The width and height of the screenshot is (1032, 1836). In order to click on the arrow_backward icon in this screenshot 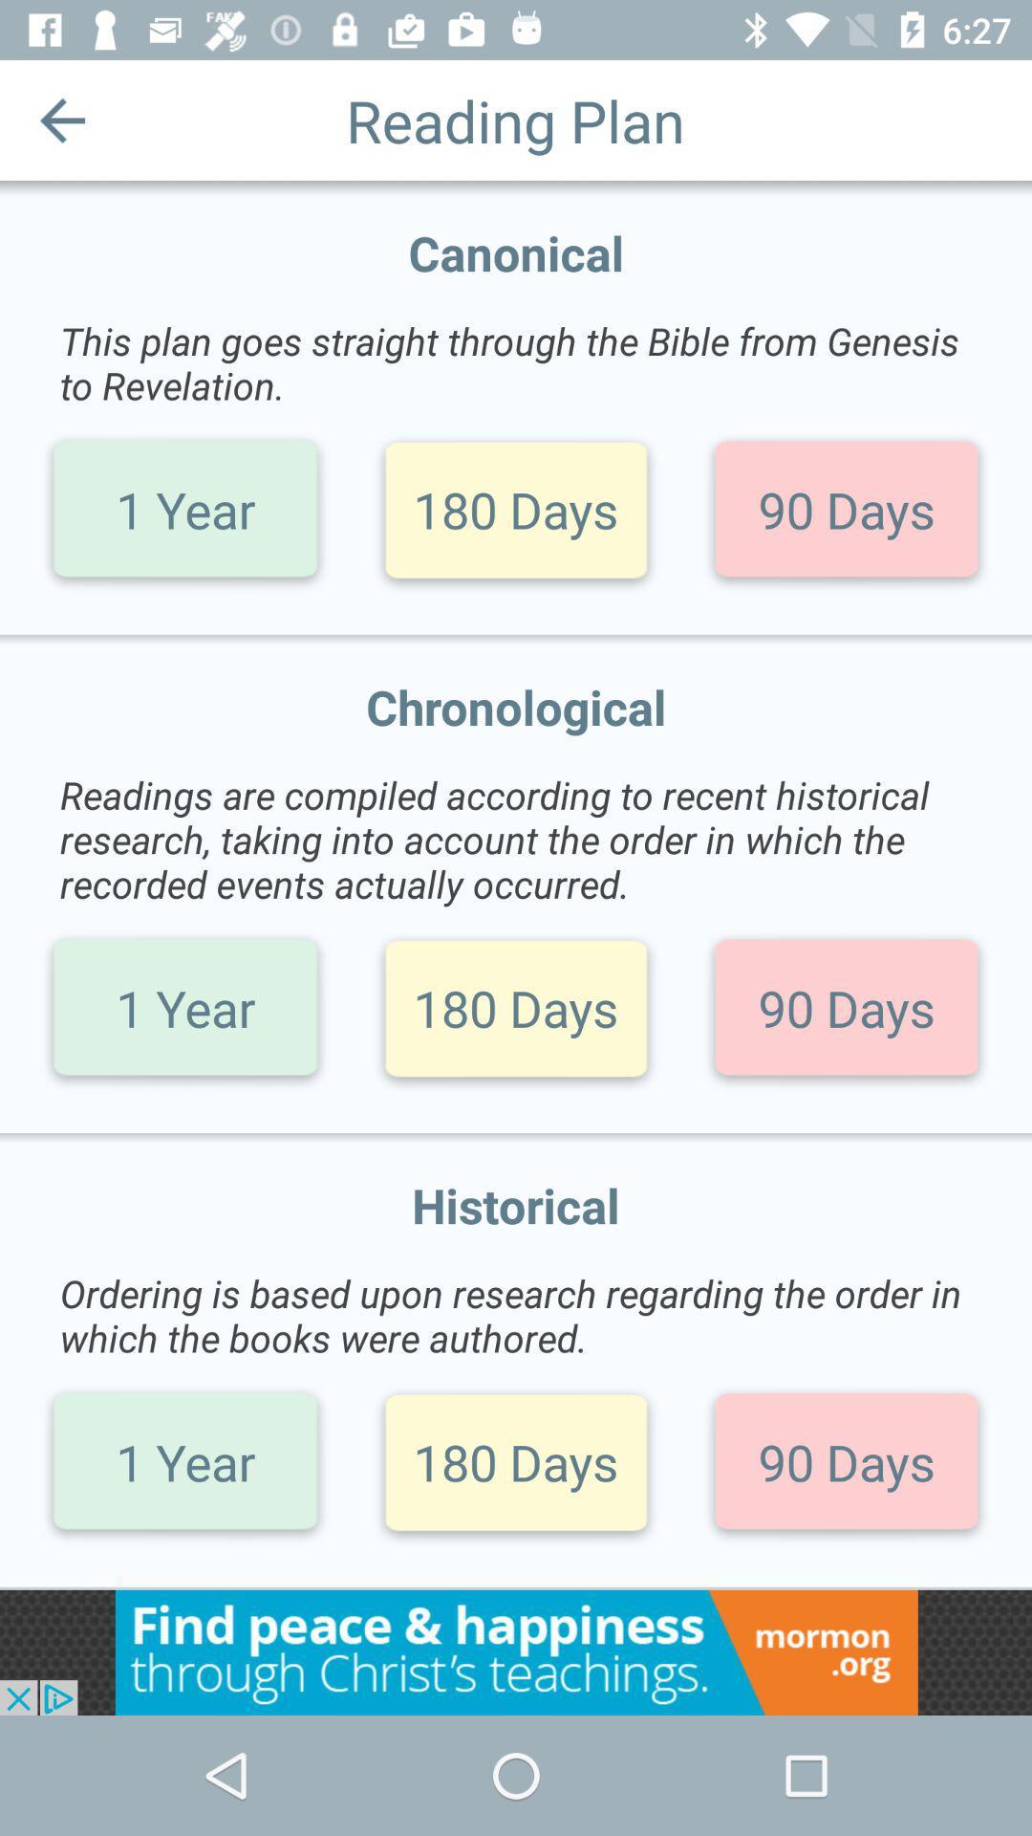, I will do `click(61, 119)`.